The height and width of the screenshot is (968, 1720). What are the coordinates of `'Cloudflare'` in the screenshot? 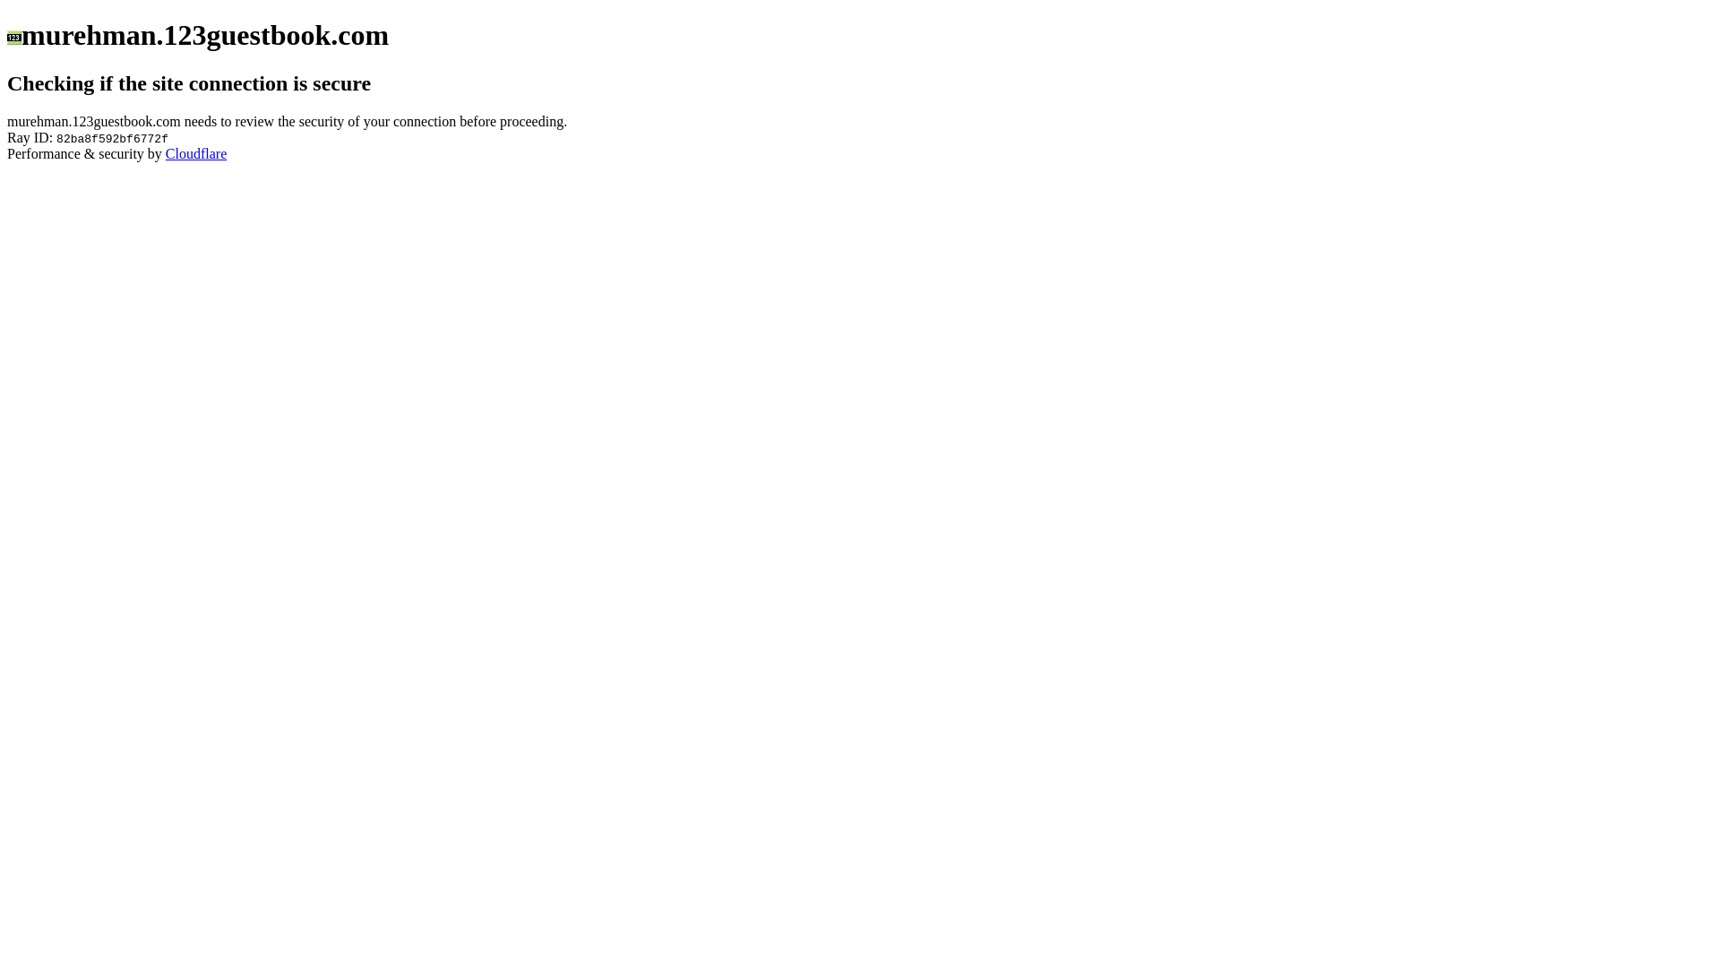 It's located at (166, 152).